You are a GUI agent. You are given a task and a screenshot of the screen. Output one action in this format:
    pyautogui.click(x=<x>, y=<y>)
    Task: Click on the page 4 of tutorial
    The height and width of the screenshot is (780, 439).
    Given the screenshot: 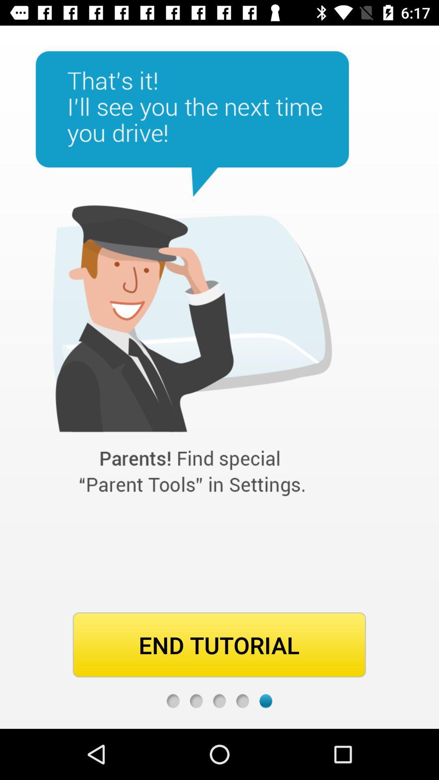 What is the action you would take?
    pyautogui.click(x=242, y=700)
    